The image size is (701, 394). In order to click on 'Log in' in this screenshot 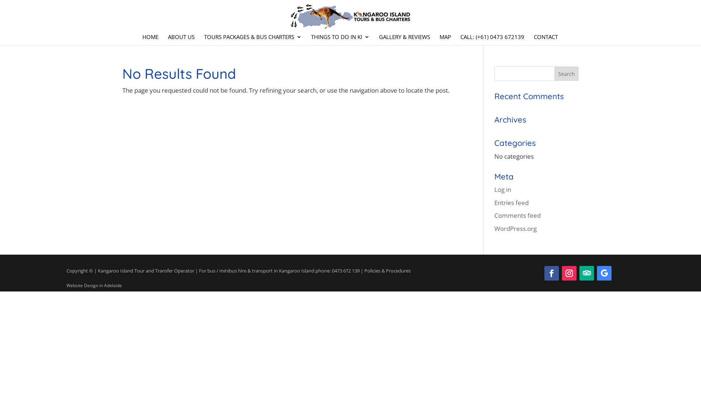, I will do `click(502, 189)`.